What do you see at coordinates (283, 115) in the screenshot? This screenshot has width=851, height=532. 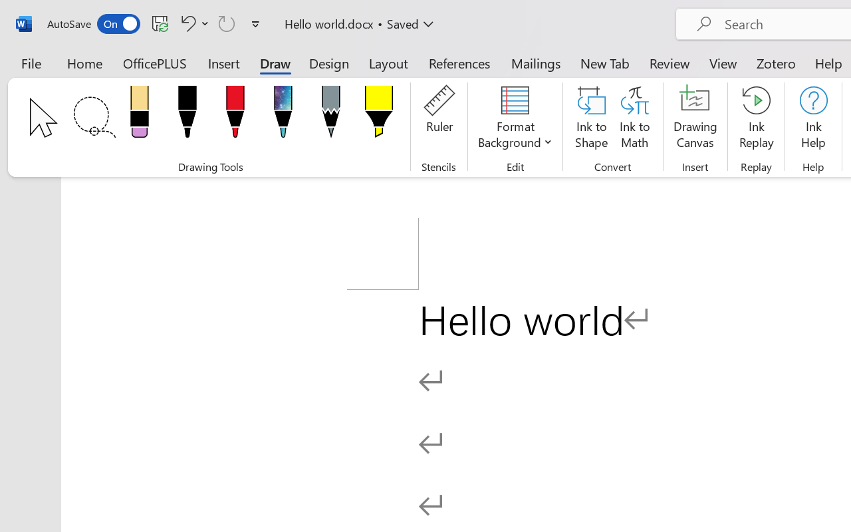 I see `'Pen: Galaxy, 1 mm'` at bounding box center [283, 115].